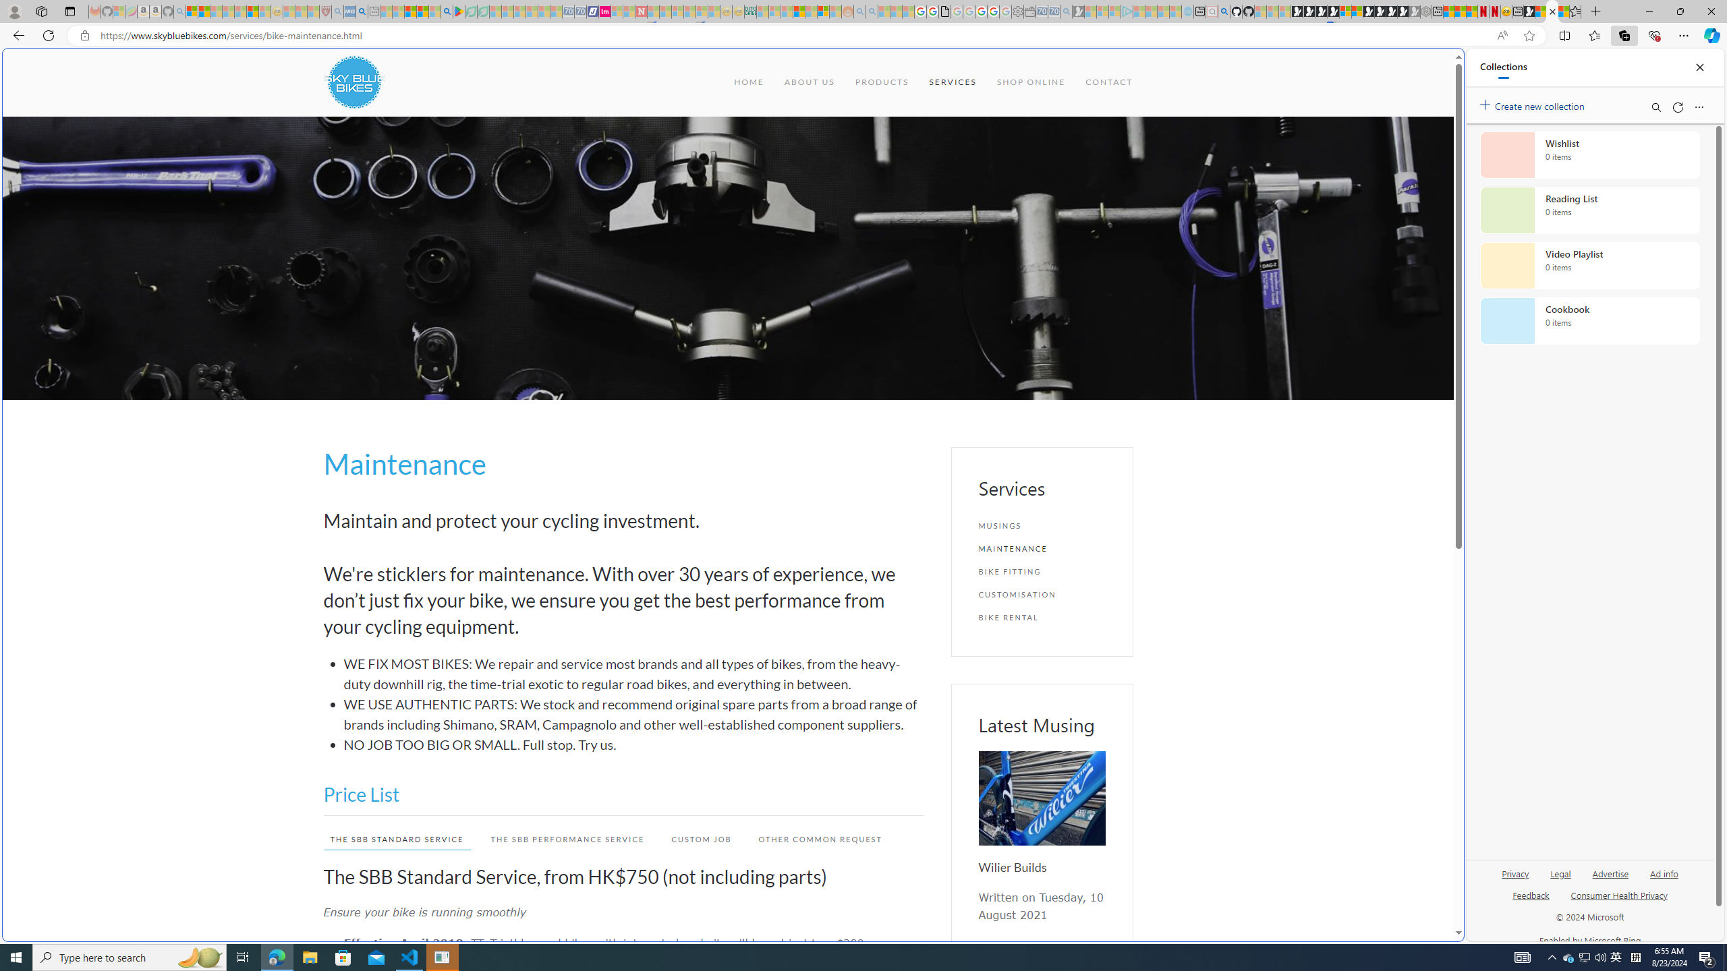 The image size is (1727, 971). Describe the element at coordinates (1042, 526) in the screenshot. I see `'MUSINGS'` at that location.